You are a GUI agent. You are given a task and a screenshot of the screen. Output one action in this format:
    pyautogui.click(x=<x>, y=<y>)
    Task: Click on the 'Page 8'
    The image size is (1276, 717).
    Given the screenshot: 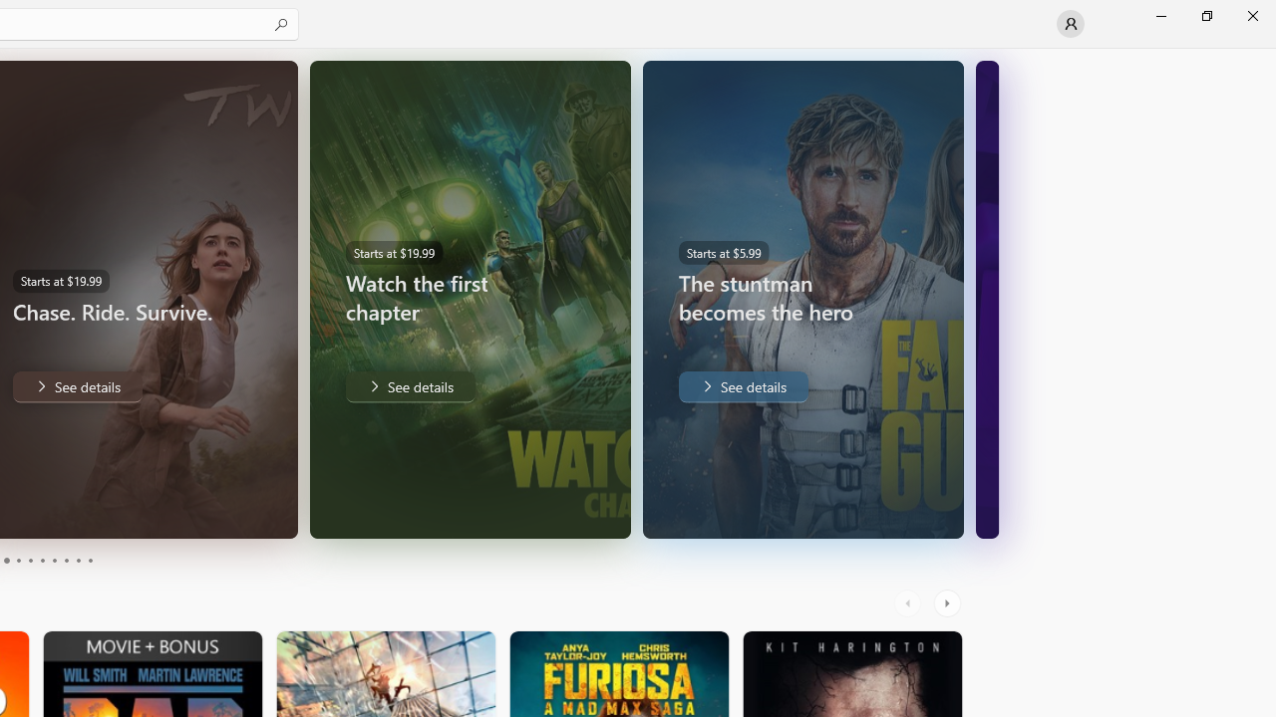 What is the action you would take?
    pyautogui.click(x=65, y=561)
    